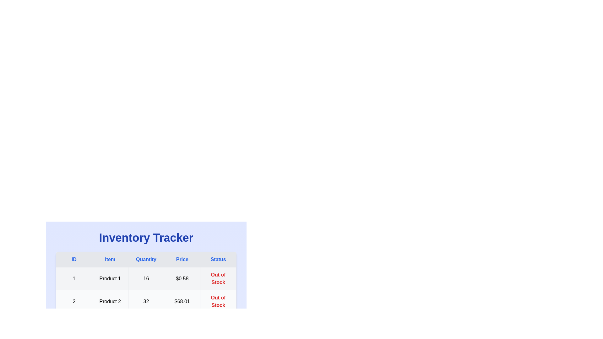 This screenshot has height=339, width=603. What do you see at coordinates (146, 301) in the screenshot?
I see `the row corresponding to 2` at bounding box center [146, 301].